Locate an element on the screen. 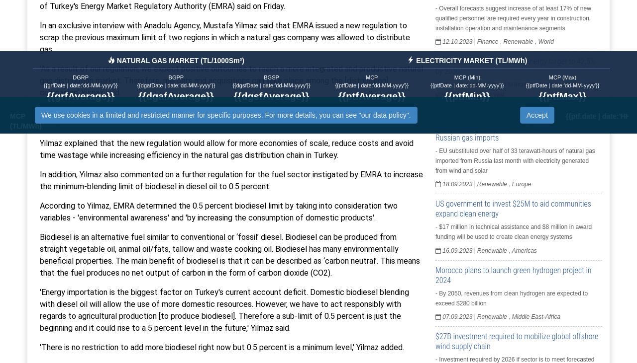 The width and height of the screenshot is (637, 363). 'Biodiesel is an alternative fuel similar to conventional or ‘fossil’ diesel. Biodiesel can be produced from straight vegetable oil, animal oil/fats, tallow and waste cooking oil. Biodiesel has many environmentally beneficial properties. The main benefit of biodiesel is that it can be described as ‘carbon neutral’. This means that the fuel produces no net output of carbon in the form of carbon dioxide (CO2).' is located at coordinates (229, 254).